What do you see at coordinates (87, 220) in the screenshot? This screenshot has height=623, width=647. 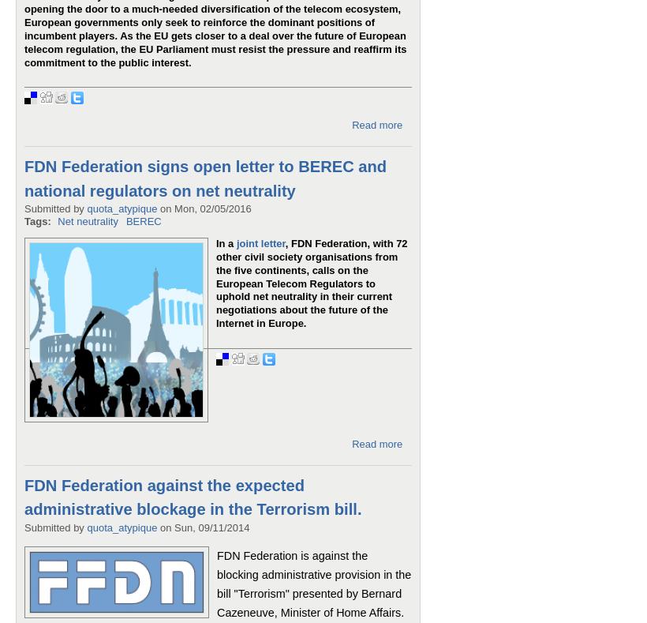 I see `'Net neutrality'` at bounding box center [87, 220].